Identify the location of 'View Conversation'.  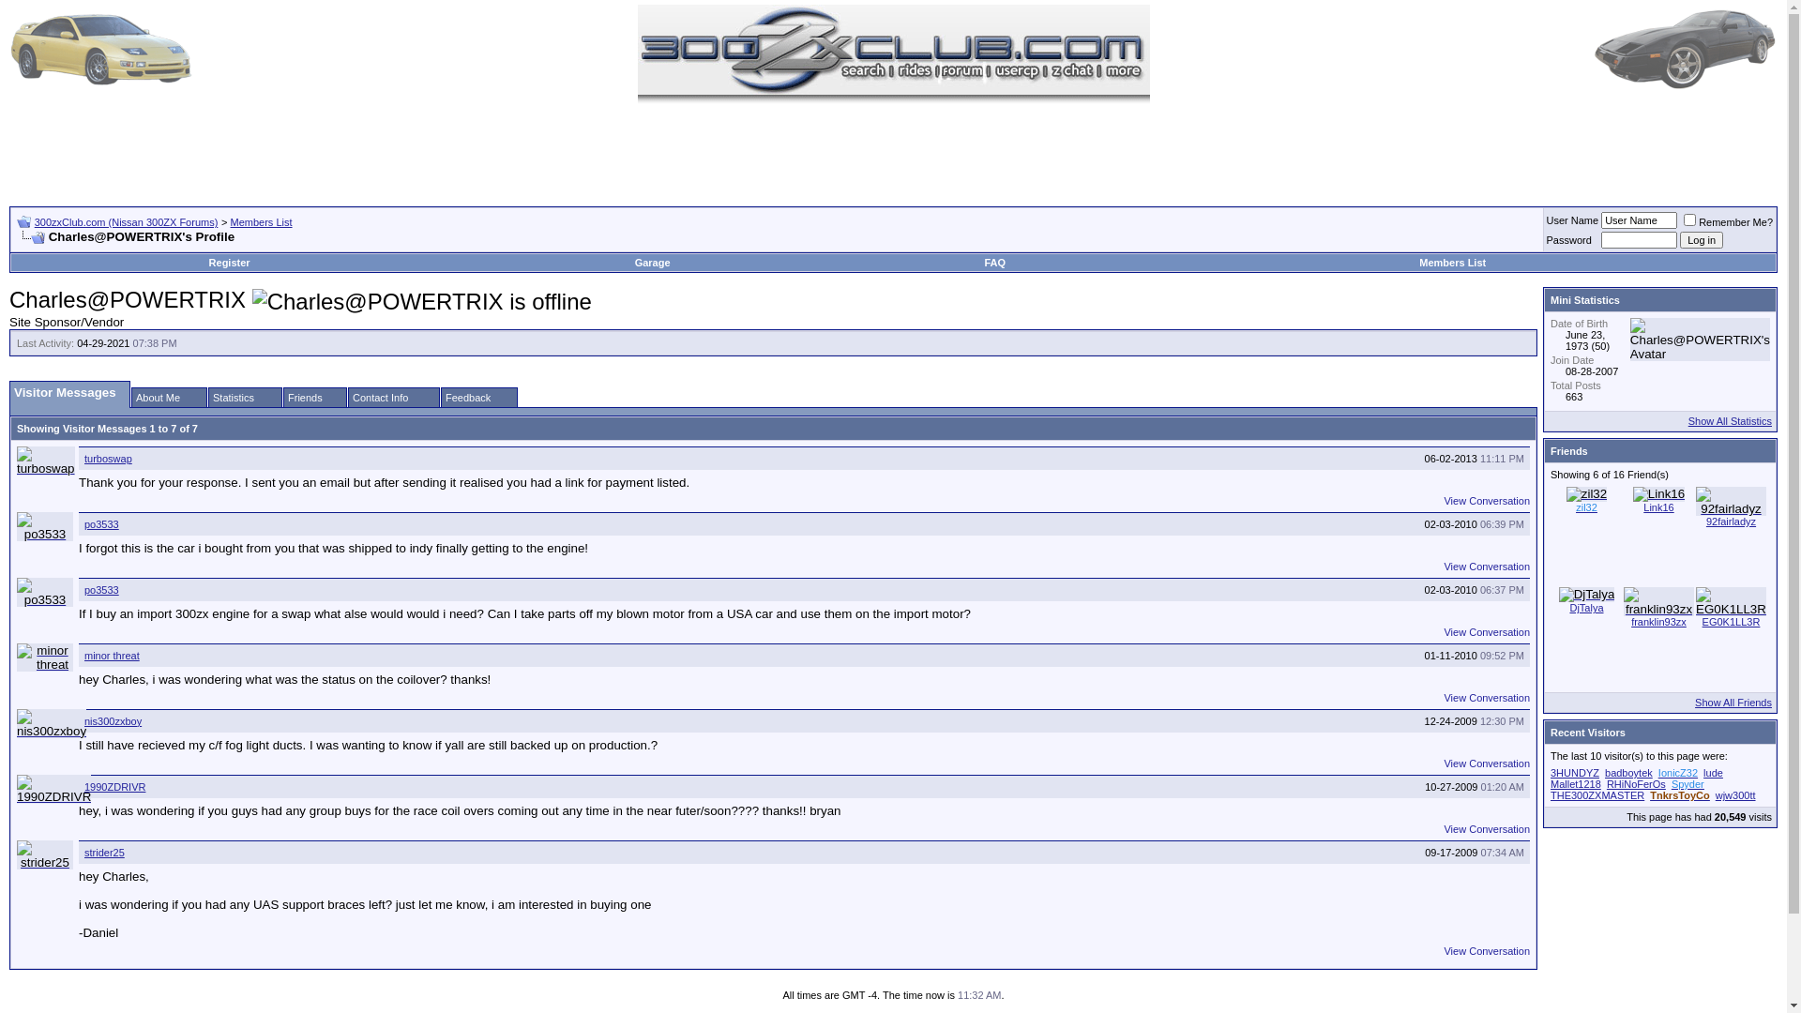
(1485, 499).